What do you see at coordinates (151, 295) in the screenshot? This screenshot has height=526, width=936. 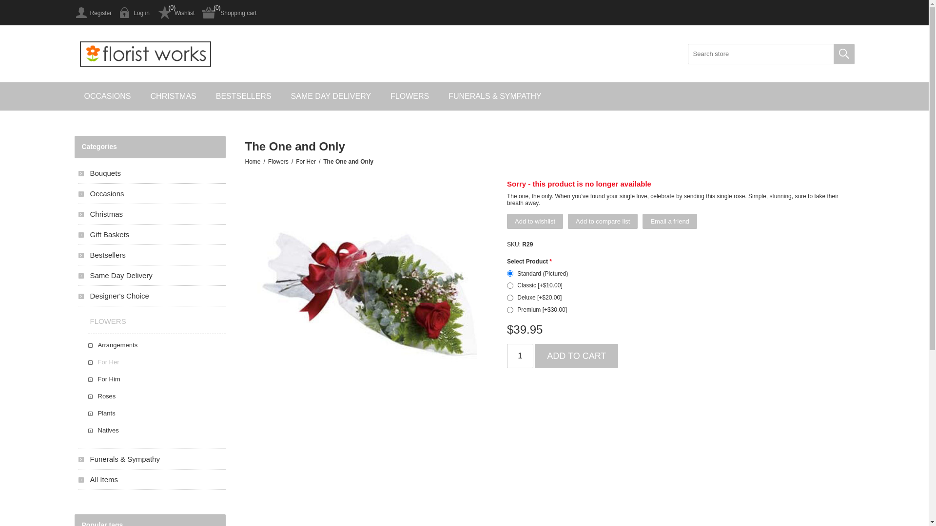 I see `'Designer's Choice'` at bounding box center [151, 295].